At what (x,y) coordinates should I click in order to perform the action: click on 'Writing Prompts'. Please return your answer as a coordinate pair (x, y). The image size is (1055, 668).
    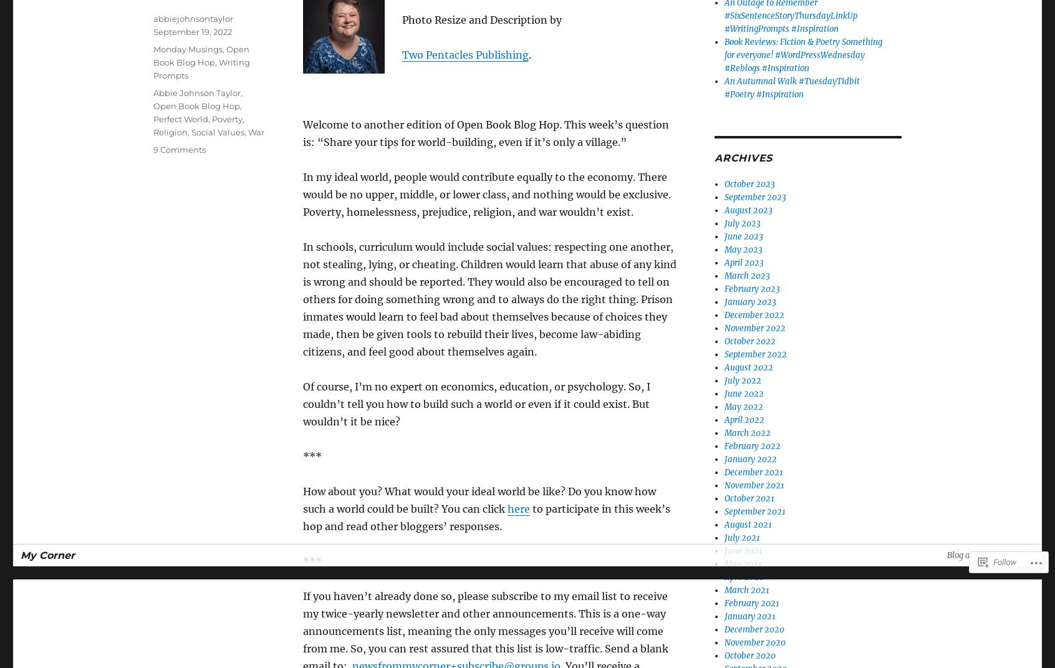
    Looking at the image, I should click on (201, 69).